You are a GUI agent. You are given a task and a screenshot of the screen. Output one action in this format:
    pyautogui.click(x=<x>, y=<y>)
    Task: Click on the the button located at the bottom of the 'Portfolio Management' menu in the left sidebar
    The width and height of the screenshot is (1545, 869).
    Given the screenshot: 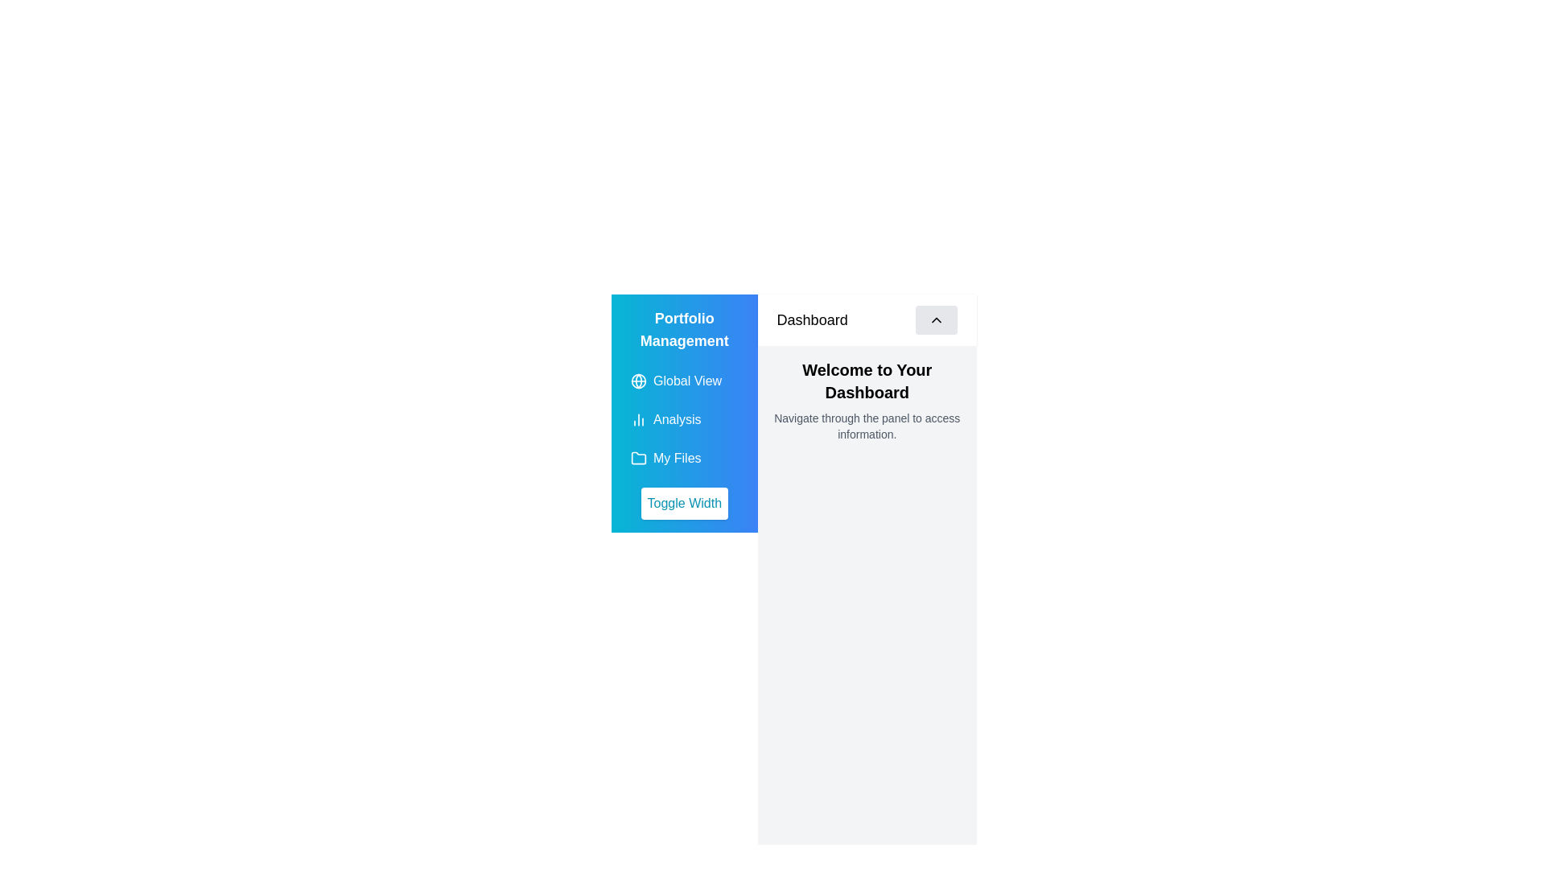 What is the action you would take?
    pyautogui.click(x=684, y=502)
    